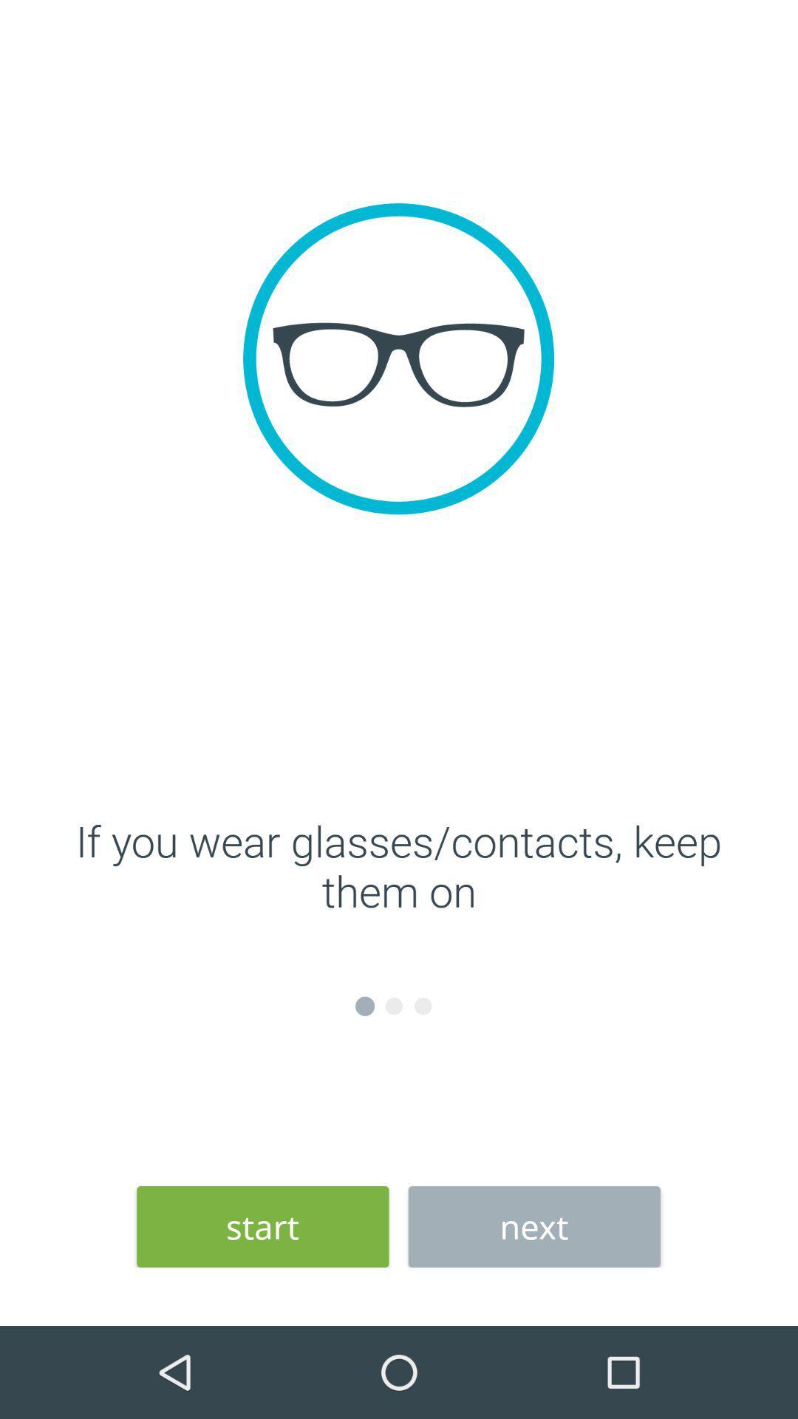 This screenshot has height=1419, width=798. What do you see at coordinates (534, 1227) in the screenshot?
I see `the next at the bottom right corner` at bounding box center [534, 1227].